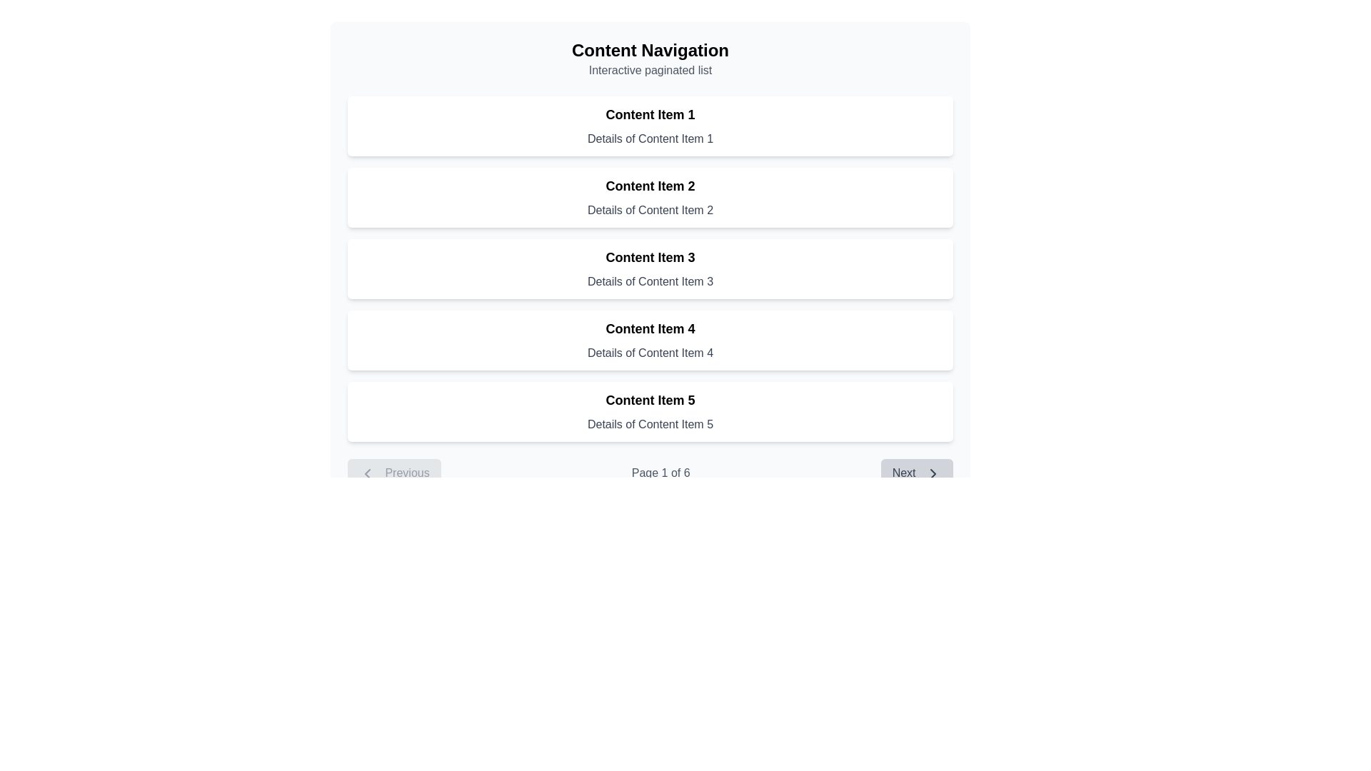  I want to click on the first informational card box at the top of the list, so click(650, 126).